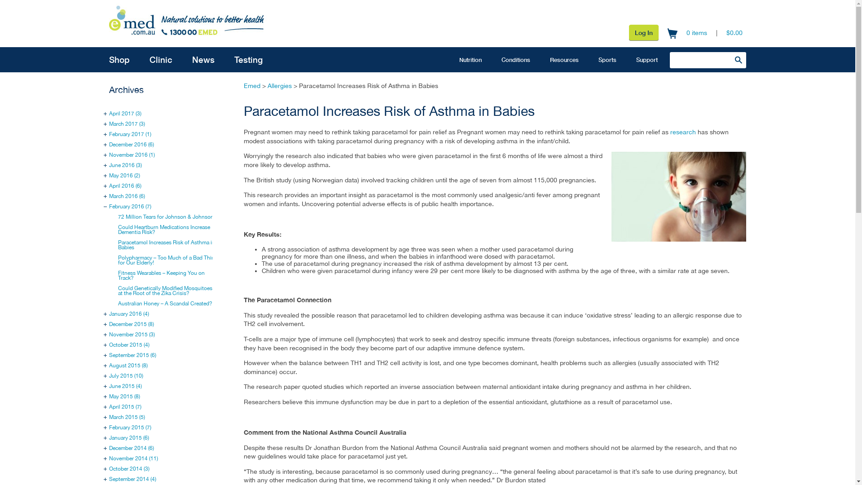 The height and width of the screenshot is (485, 862). Describe the element at coordinates (730, 59) in the screenshot. I see `'Search'` at that location.